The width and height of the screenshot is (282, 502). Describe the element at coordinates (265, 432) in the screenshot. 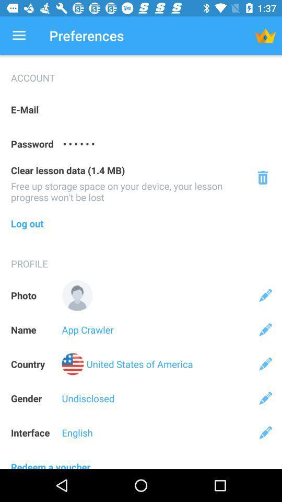

I see `the edit icon` at that location.